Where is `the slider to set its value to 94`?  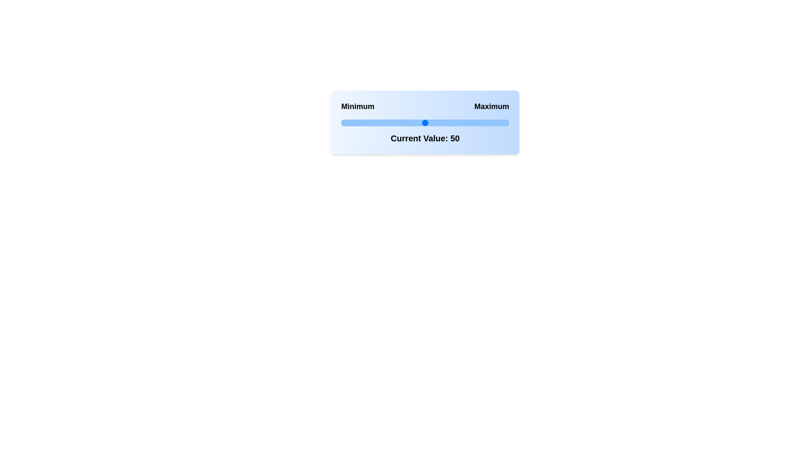 the slider to set its value to 94 is located at coordinates (499, 123).